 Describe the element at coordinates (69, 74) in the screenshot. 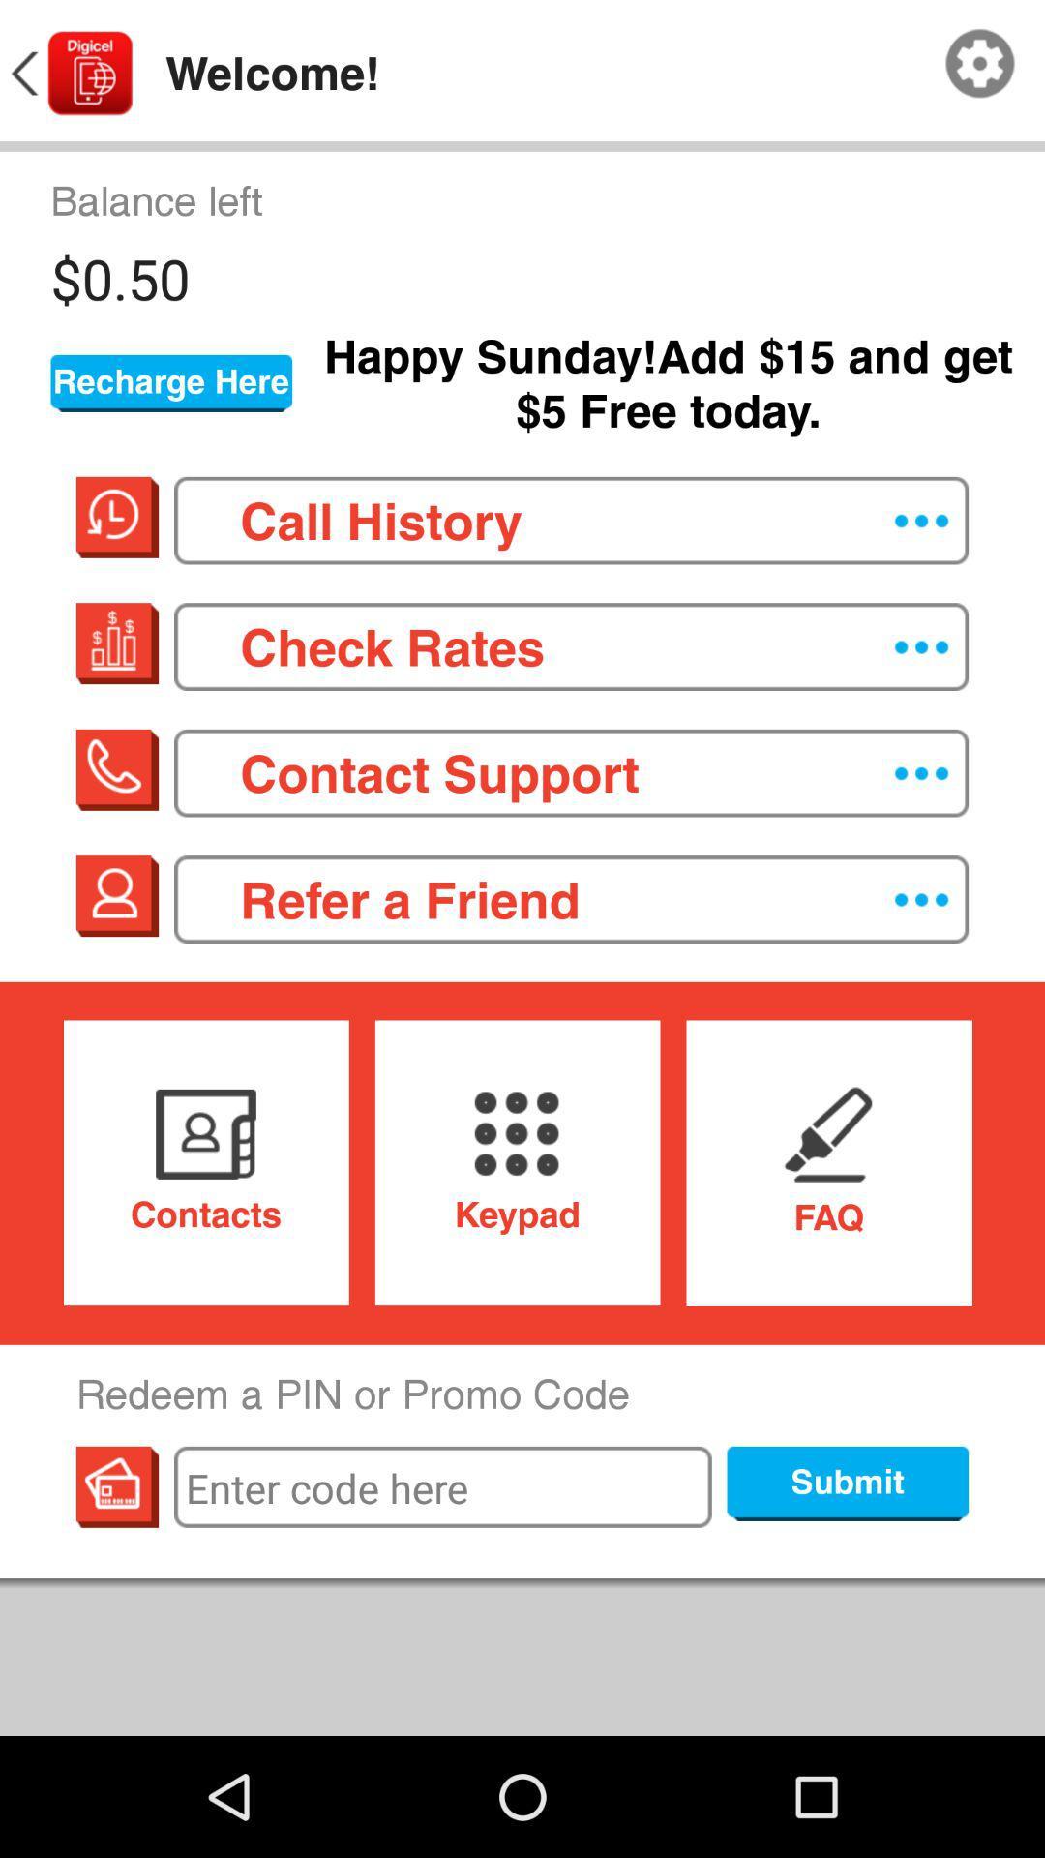

I see `the item next to the welcome! icon` at that location.